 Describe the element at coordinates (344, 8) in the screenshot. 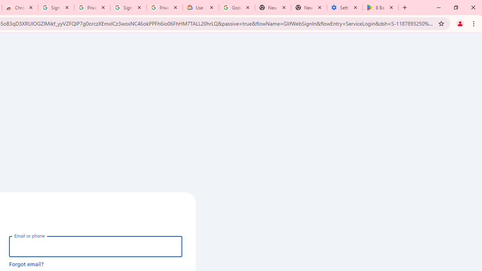

I see `'Settings - System'` at that location.